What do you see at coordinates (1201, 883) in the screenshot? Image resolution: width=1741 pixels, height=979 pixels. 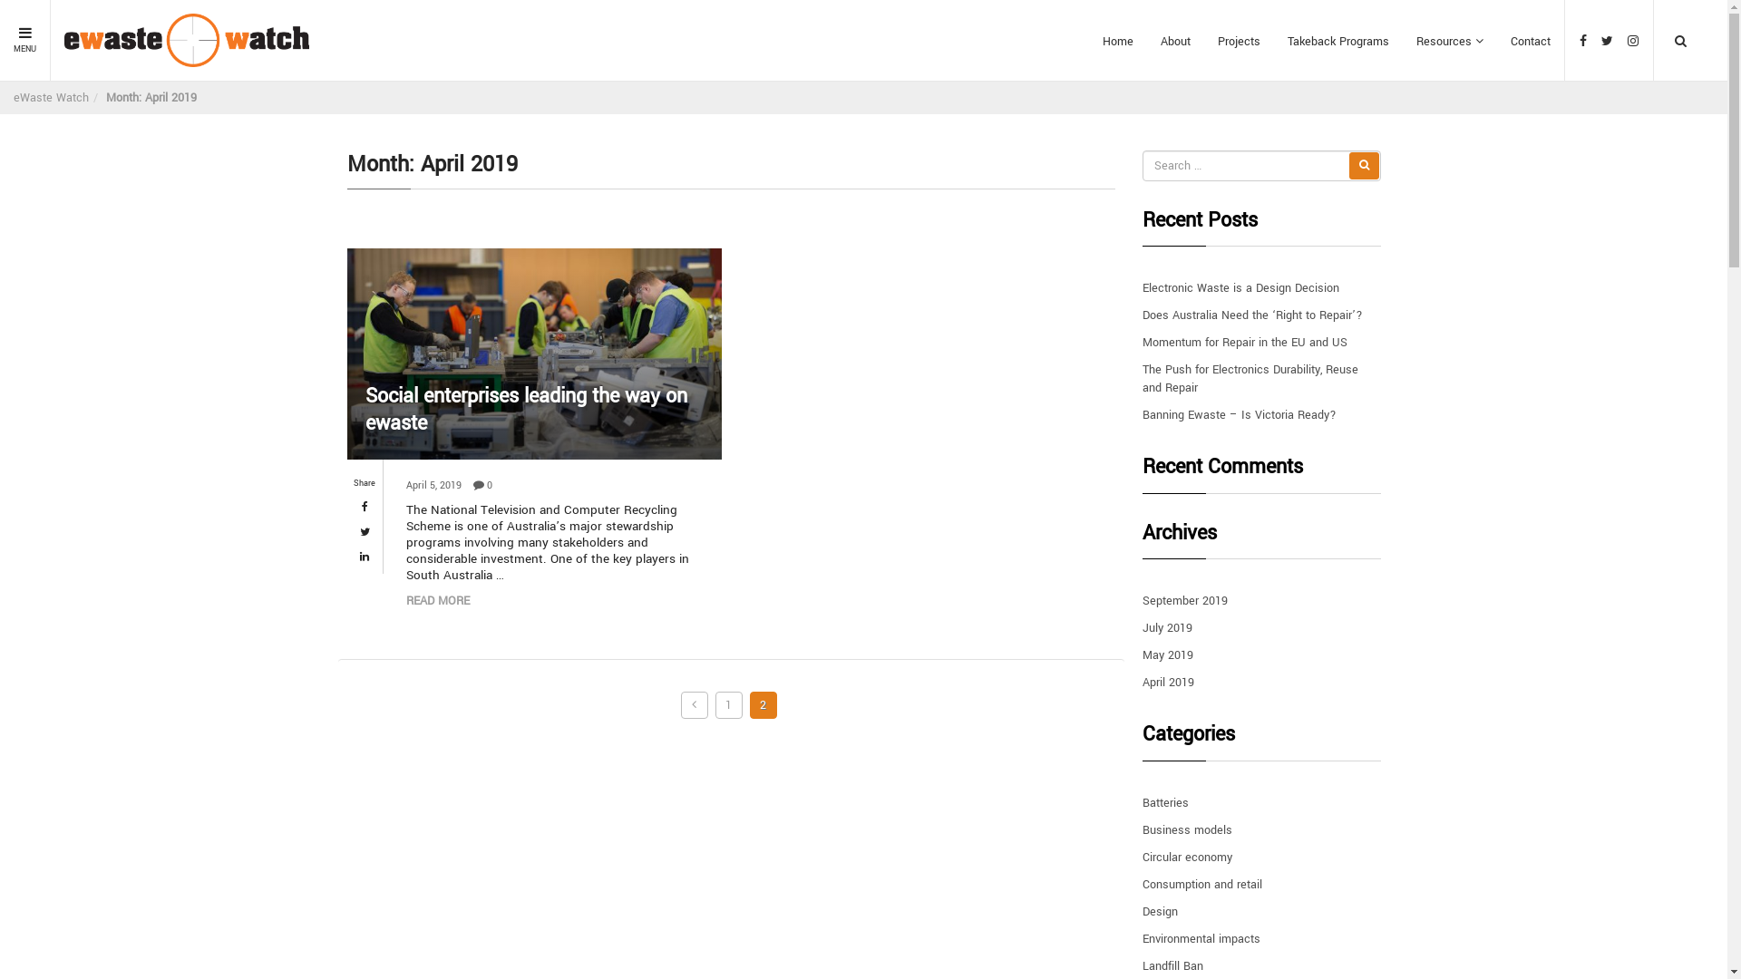 I see `'Consumption and retail'` at bounding box center [1201, 883].